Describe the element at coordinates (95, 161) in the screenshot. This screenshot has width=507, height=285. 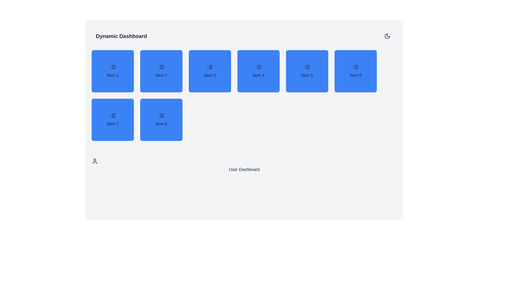
I see `the user avatar icon located below the 'User Dashboard' text, which is represented by a circular structure for the head and shoulder outline` at that location.